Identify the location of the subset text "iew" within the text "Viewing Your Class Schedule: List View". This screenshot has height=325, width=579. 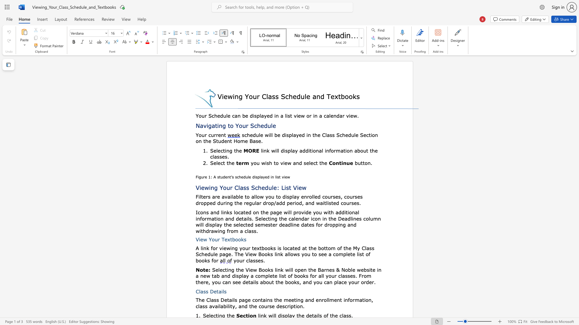
(297, 187).